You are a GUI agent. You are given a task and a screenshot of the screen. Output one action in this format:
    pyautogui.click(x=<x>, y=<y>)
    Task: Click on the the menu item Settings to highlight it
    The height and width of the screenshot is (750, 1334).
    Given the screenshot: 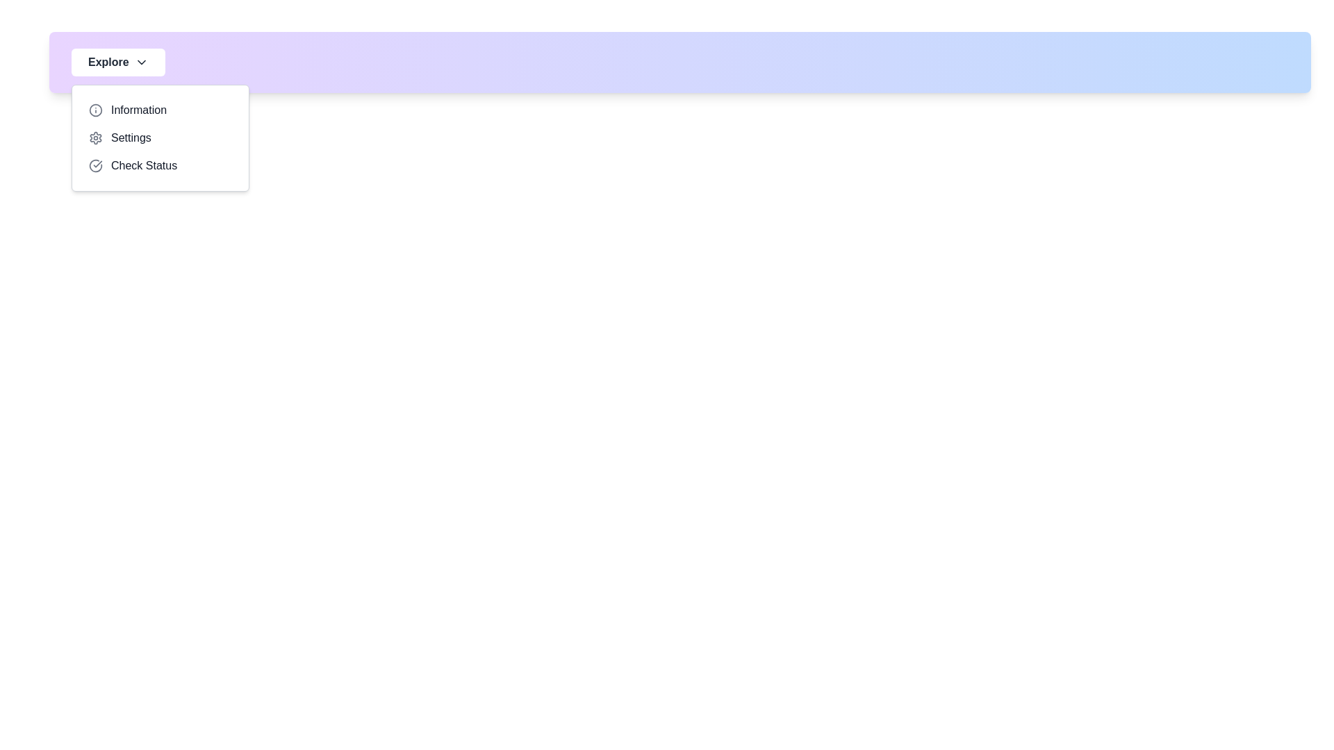 What is the action you would take?
    pyautogui.click(x=160, y=138)
    